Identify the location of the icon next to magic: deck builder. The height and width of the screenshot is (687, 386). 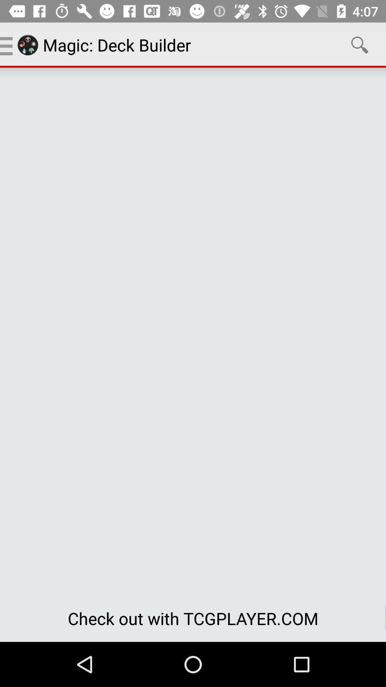
(360, 44).